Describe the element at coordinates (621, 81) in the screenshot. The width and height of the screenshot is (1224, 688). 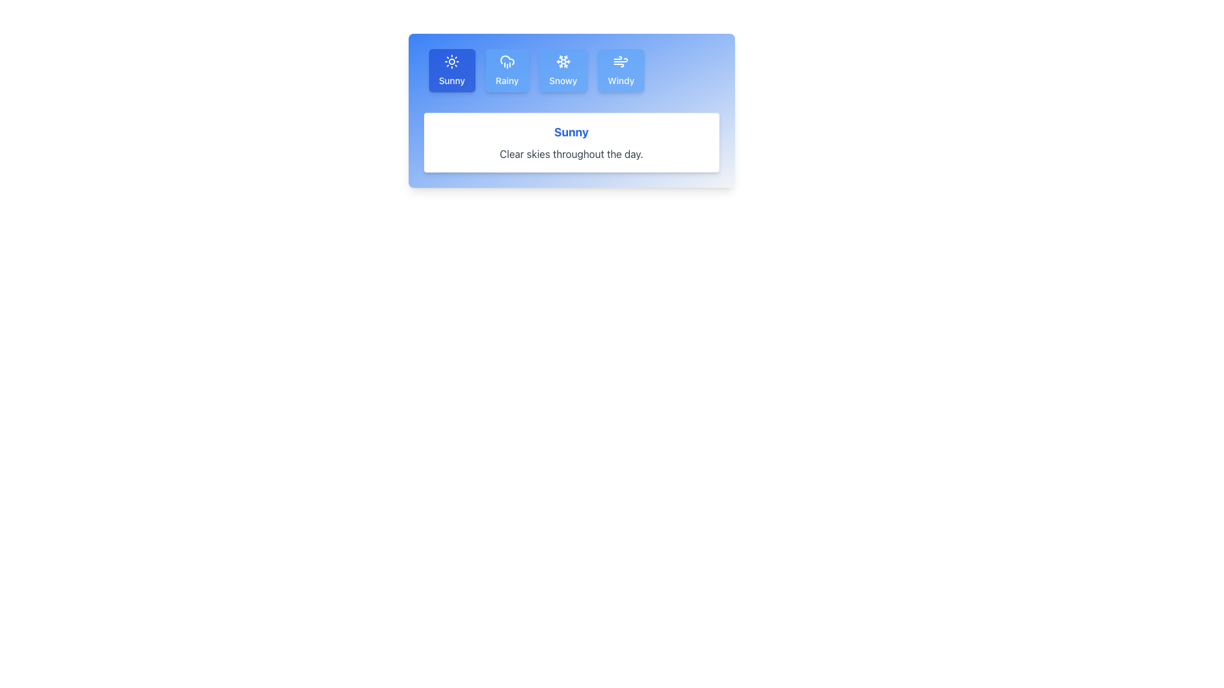
I see `the label that describes the button's purpose related to weather conditions, located within the fourth button in a horizontal series of 'Sunny', 'Rainy', and 'Snowy'` at that location.